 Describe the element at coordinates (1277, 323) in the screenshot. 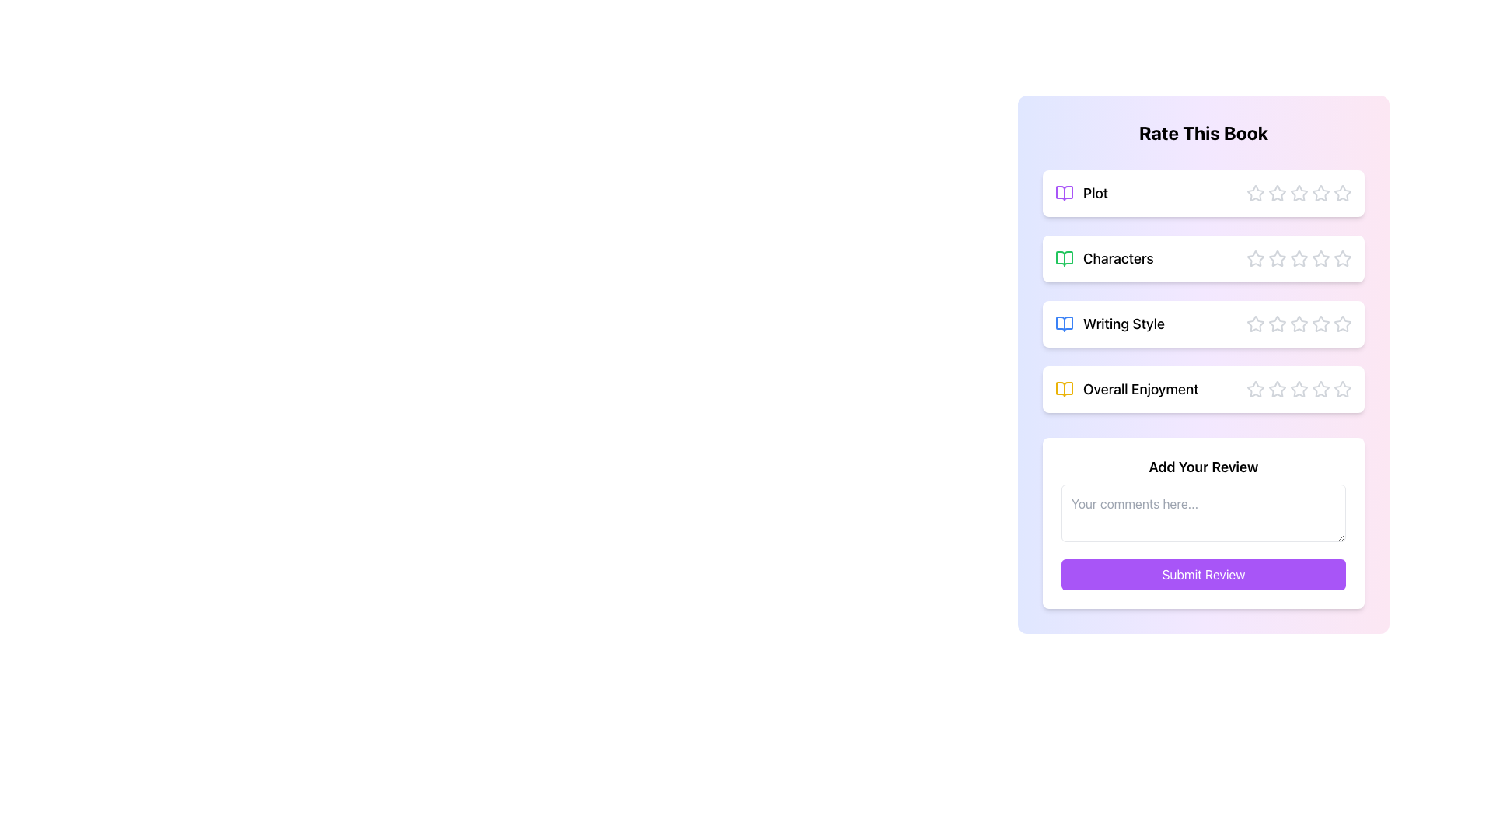

I see `the third star-shaped rating icon under the 'Writing Style' rating section to assign a '3-star' rating` at that location.